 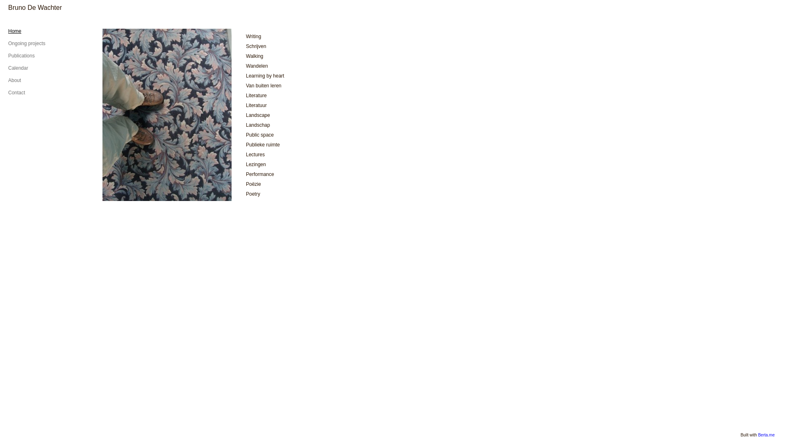 I want to click on 'About', so click(x=14, y=80).